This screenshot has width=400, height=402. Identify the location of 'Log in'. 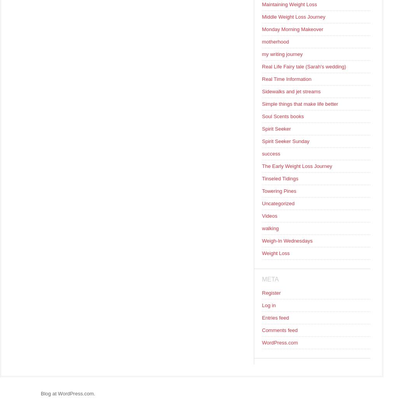
(268, 305).